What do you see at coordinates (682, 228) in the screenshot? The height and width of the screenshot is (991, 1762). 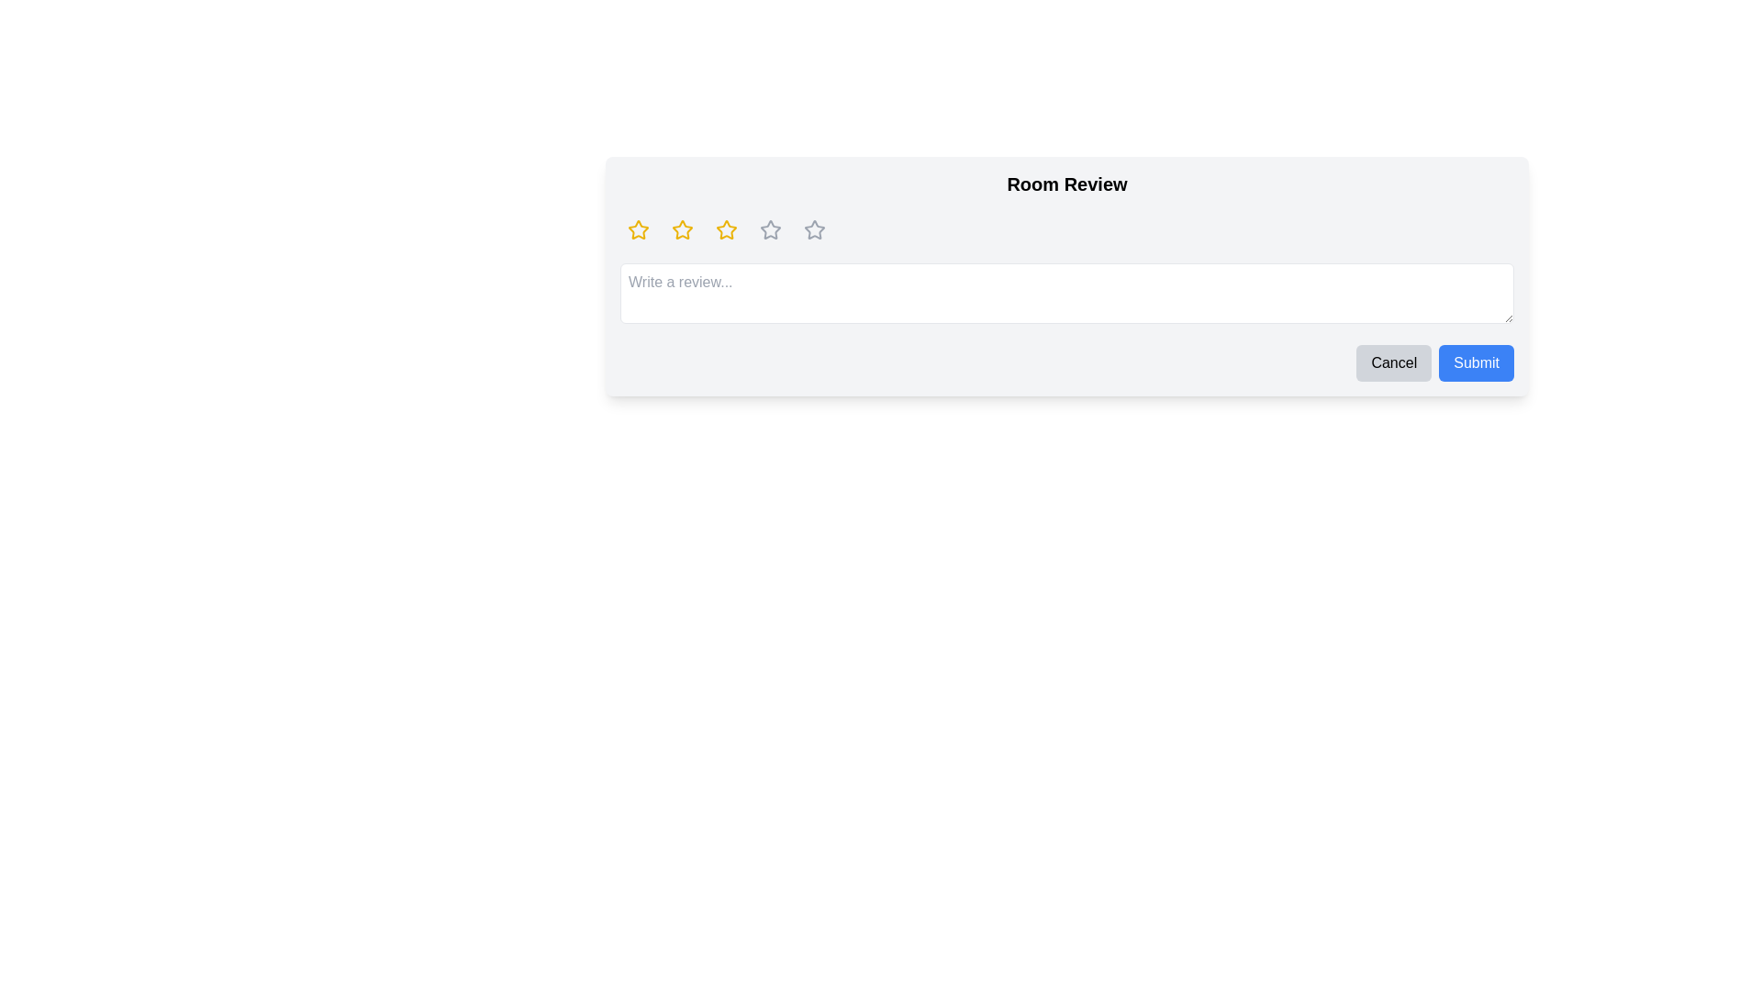 I see `the second star rating icon, which is outlined with a yellow color fill` at bounding box center [682, 228].